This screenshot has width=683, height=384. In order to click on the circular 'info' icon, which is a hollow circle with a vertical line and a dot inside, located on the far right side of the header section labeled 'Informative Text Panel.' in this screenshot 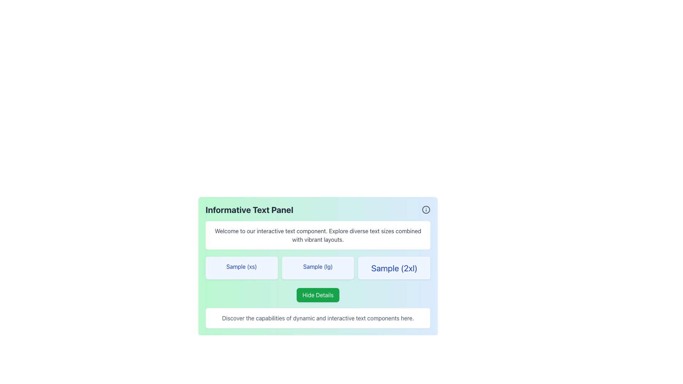, I will do `click(426, 209)`.